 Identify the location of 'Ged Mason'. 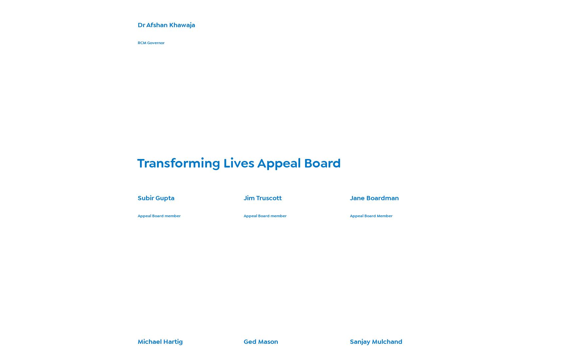
(260, 342).